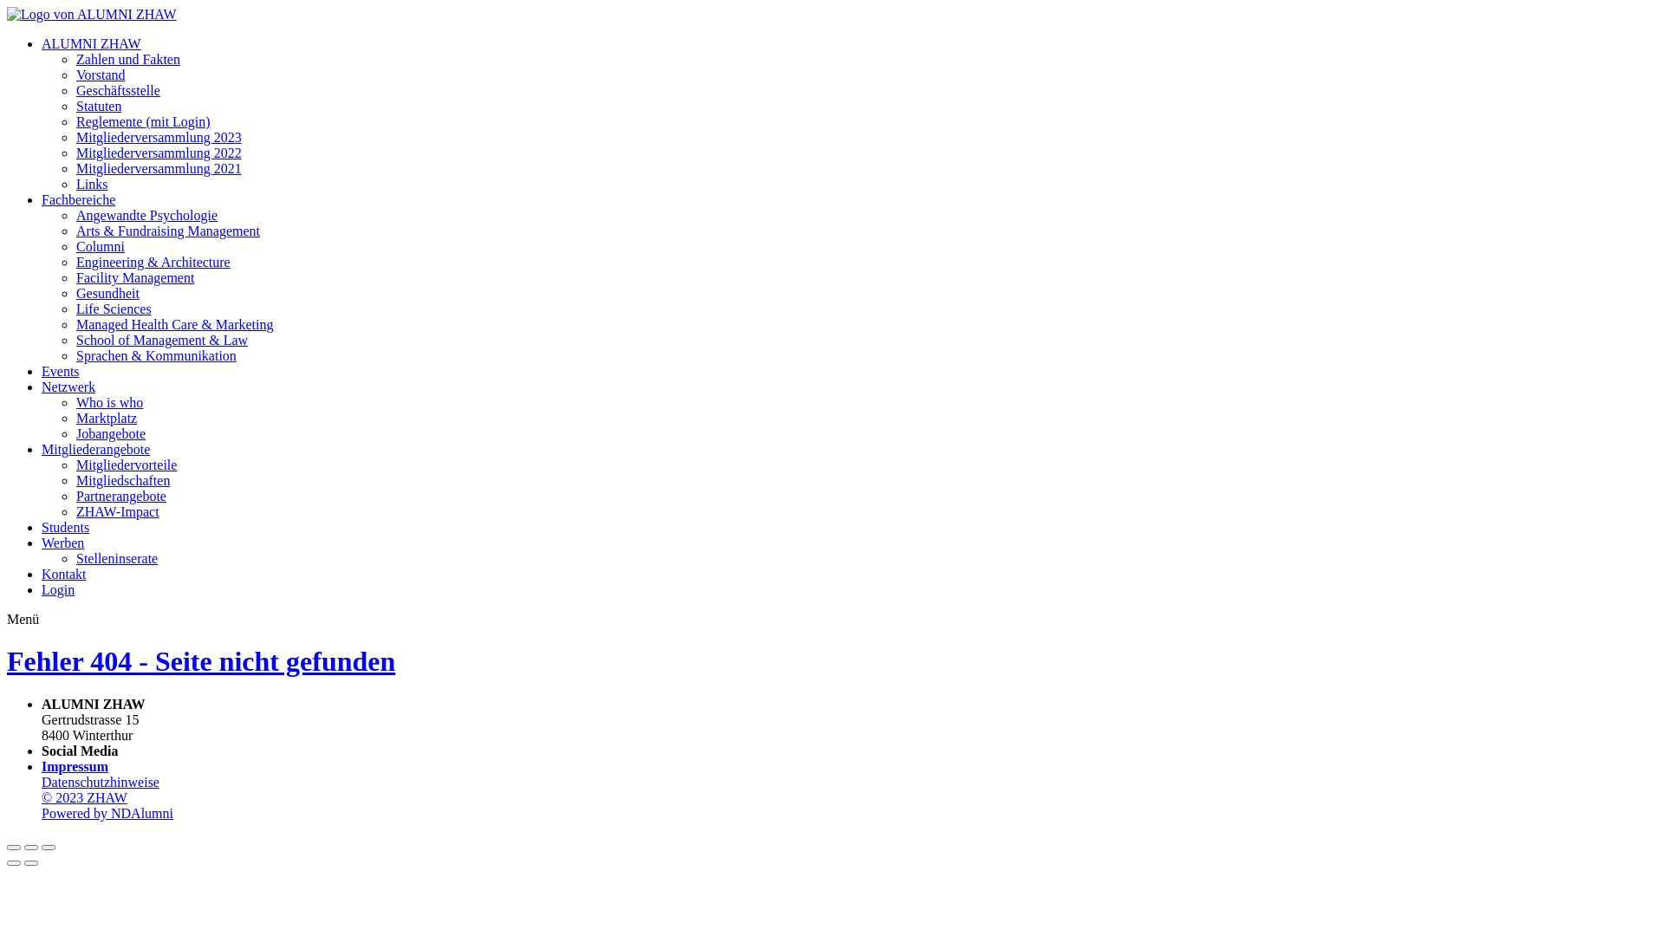  I want to click on 'Zoom in/out', so click(49, 847).